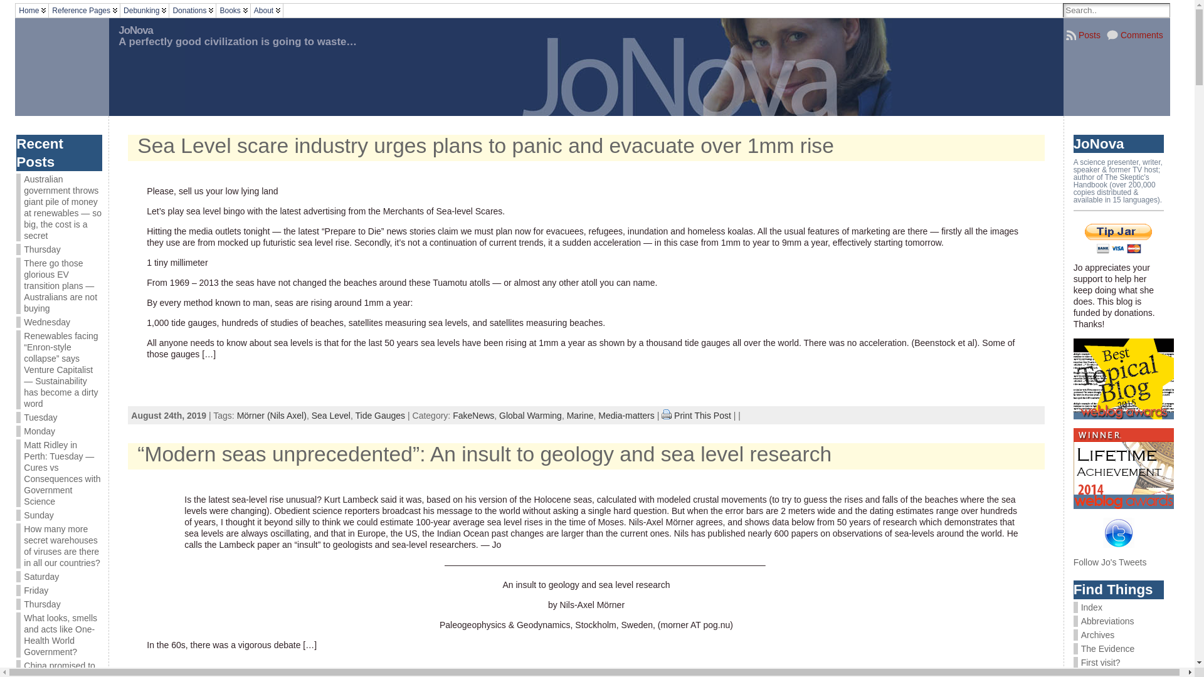  Describe the element at coordinates (1119, 606) in the screenshot. I see `'Index'` at that location.